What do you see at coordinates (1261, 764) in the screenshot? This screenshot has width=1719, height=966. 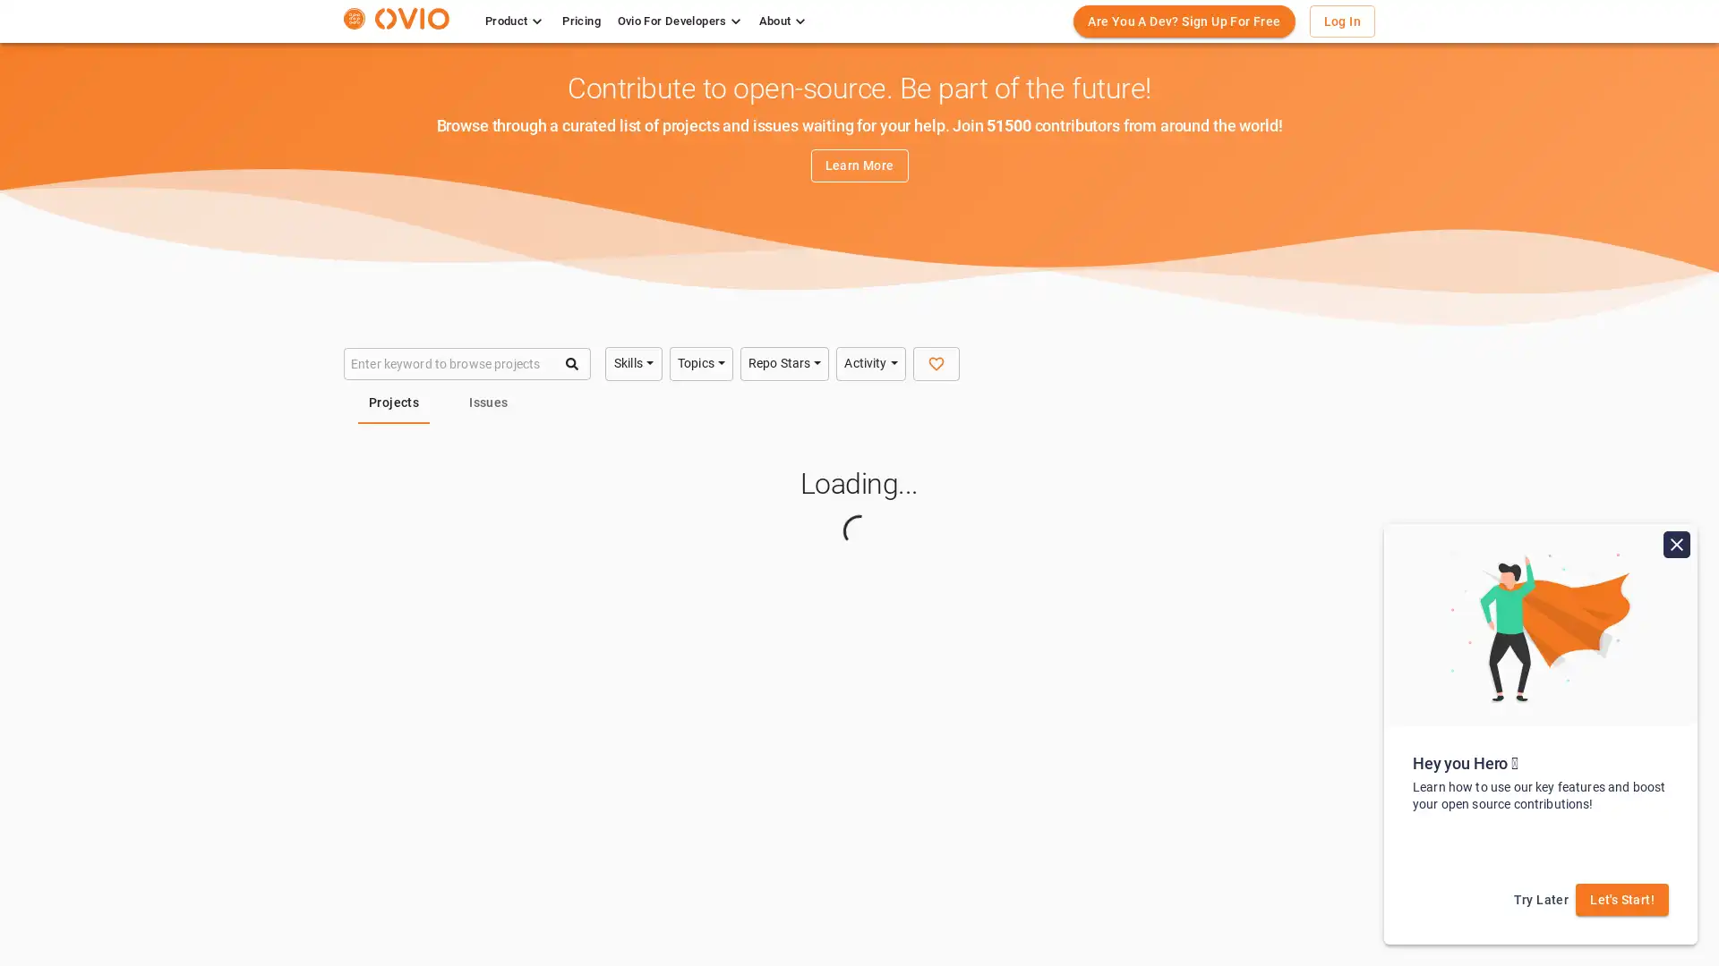 I see `C, C++` at bounding box center [1261, 764].